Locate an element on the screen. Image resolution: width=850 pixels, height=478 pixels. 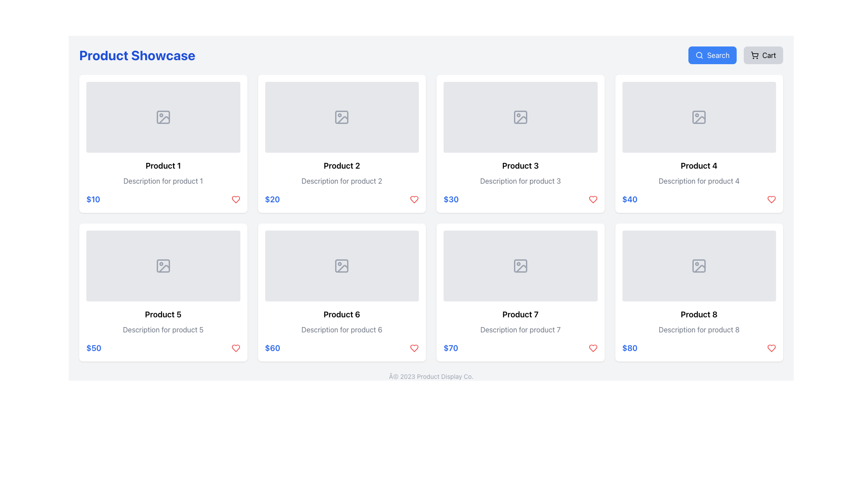
the second product card with a white background, rounded corners, and a red heart icon at the bottom right is located at coordinates (341, 143).